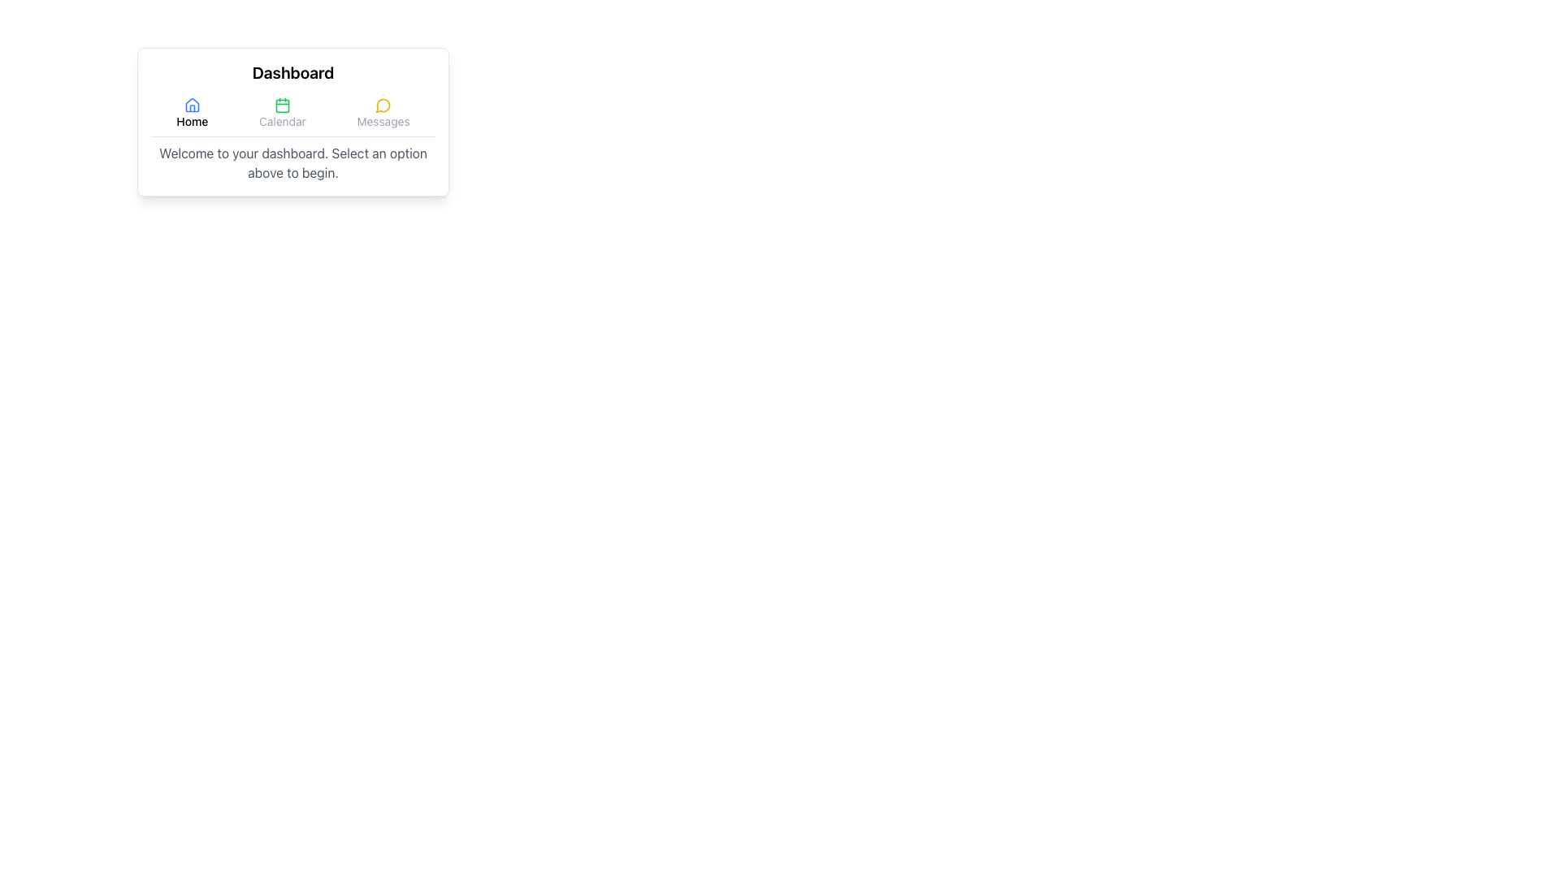 This screenshot has height=877, width=1560. I want to click on the 'Calendar' section of the Navigation Menu, which is the second section in a horizontal navigation bar located below the title 'Dashboard', so click(292, 116).